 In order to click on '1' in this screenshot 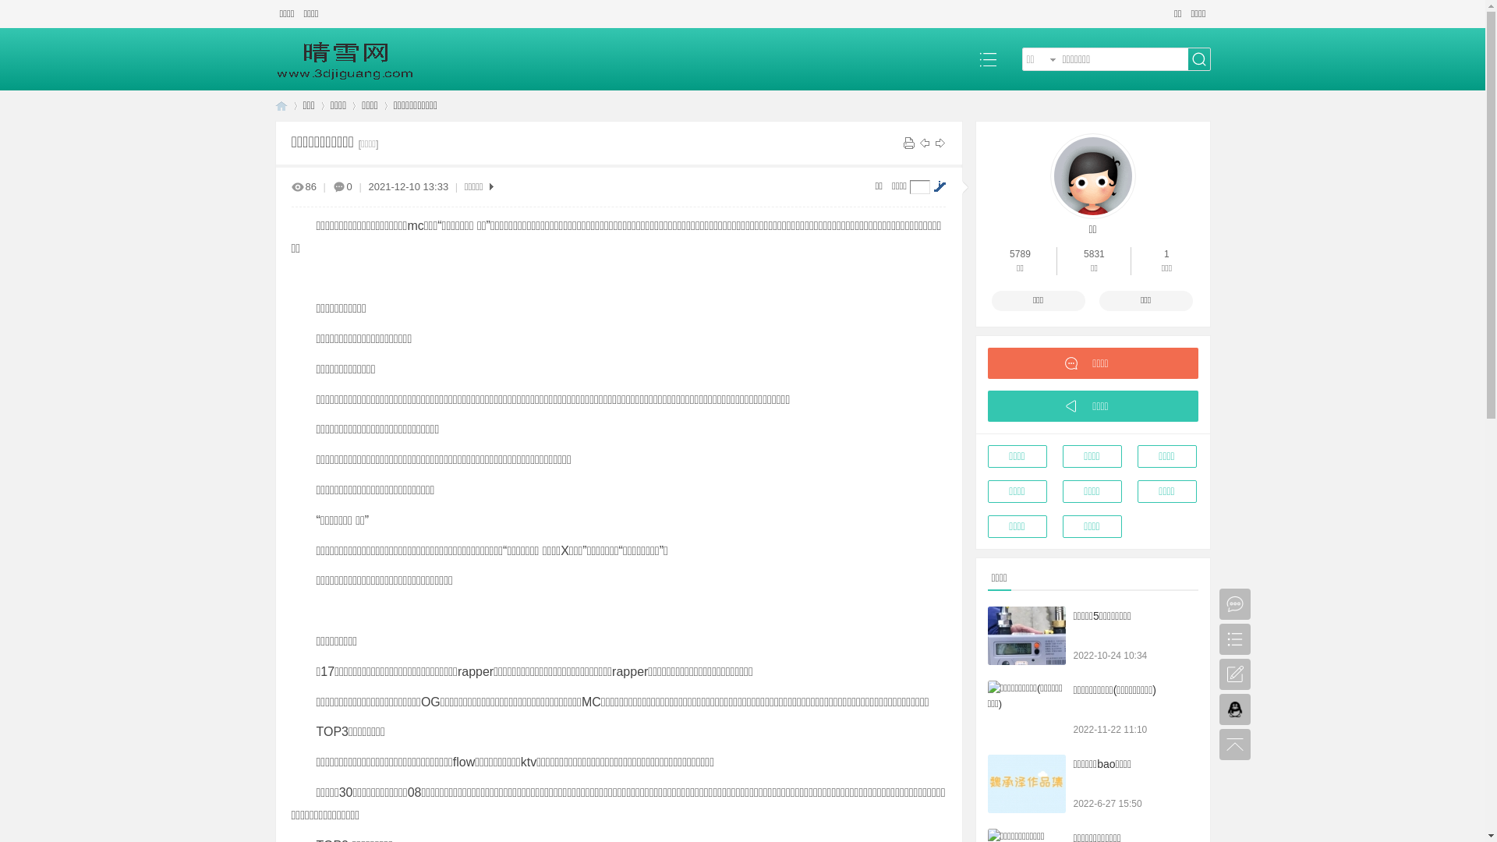, I will do `click(1166, 253)`.